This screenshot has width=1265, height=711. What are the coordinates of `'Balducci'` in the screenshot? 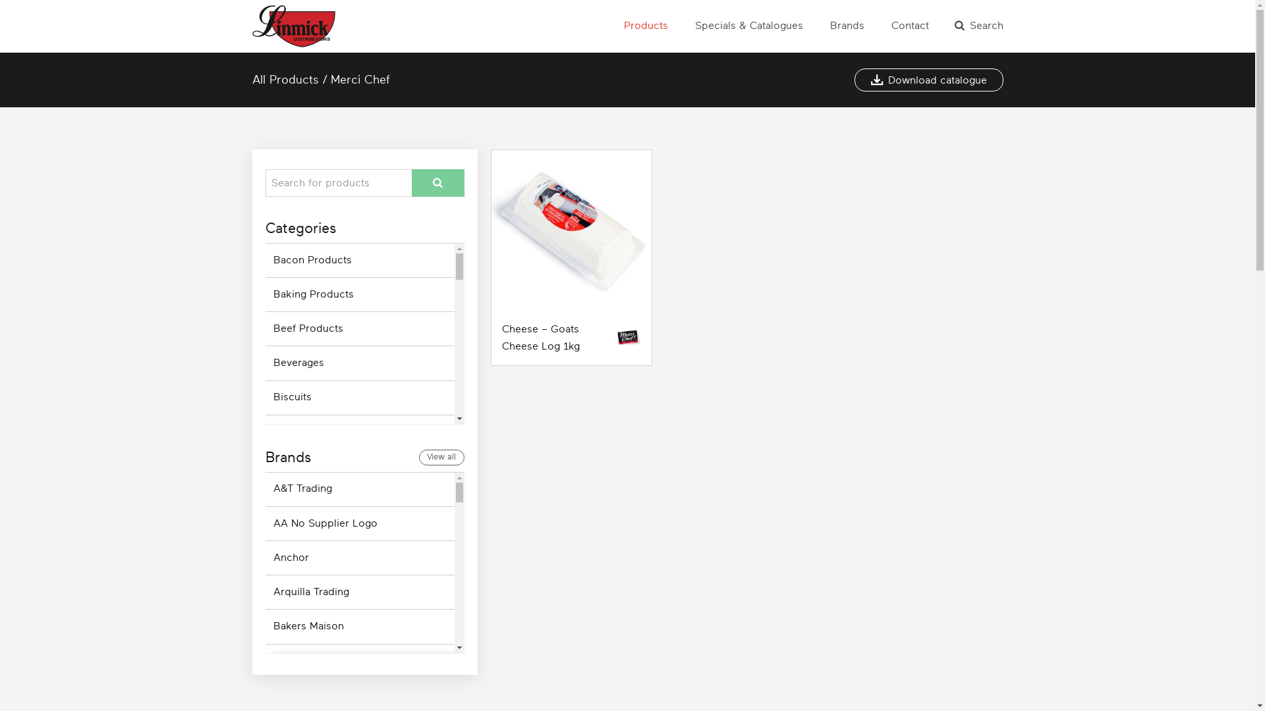 It's located at (359, 661).